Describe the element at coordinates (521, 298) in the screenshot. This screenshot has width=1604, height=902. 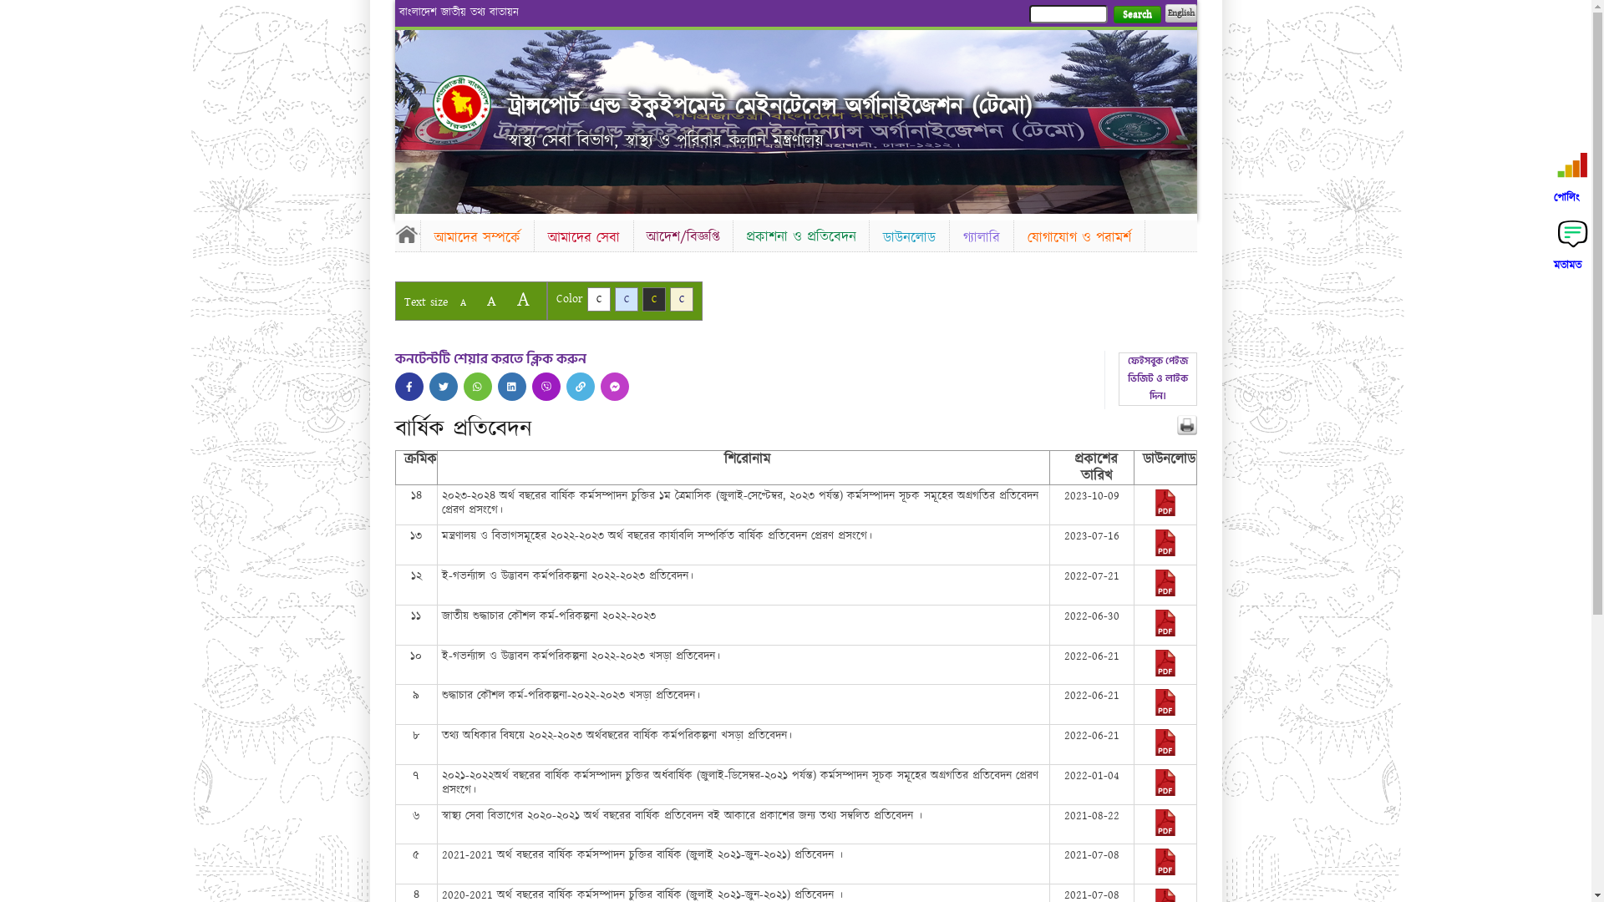
I see `'A'` at that location.